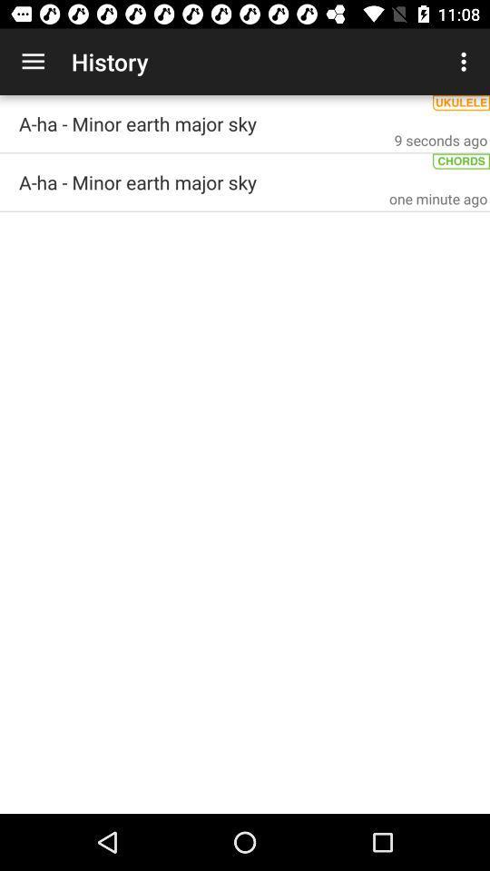 This screenshot has width=490, height=871. I want to click on icon next to the history, so click(33, 62).